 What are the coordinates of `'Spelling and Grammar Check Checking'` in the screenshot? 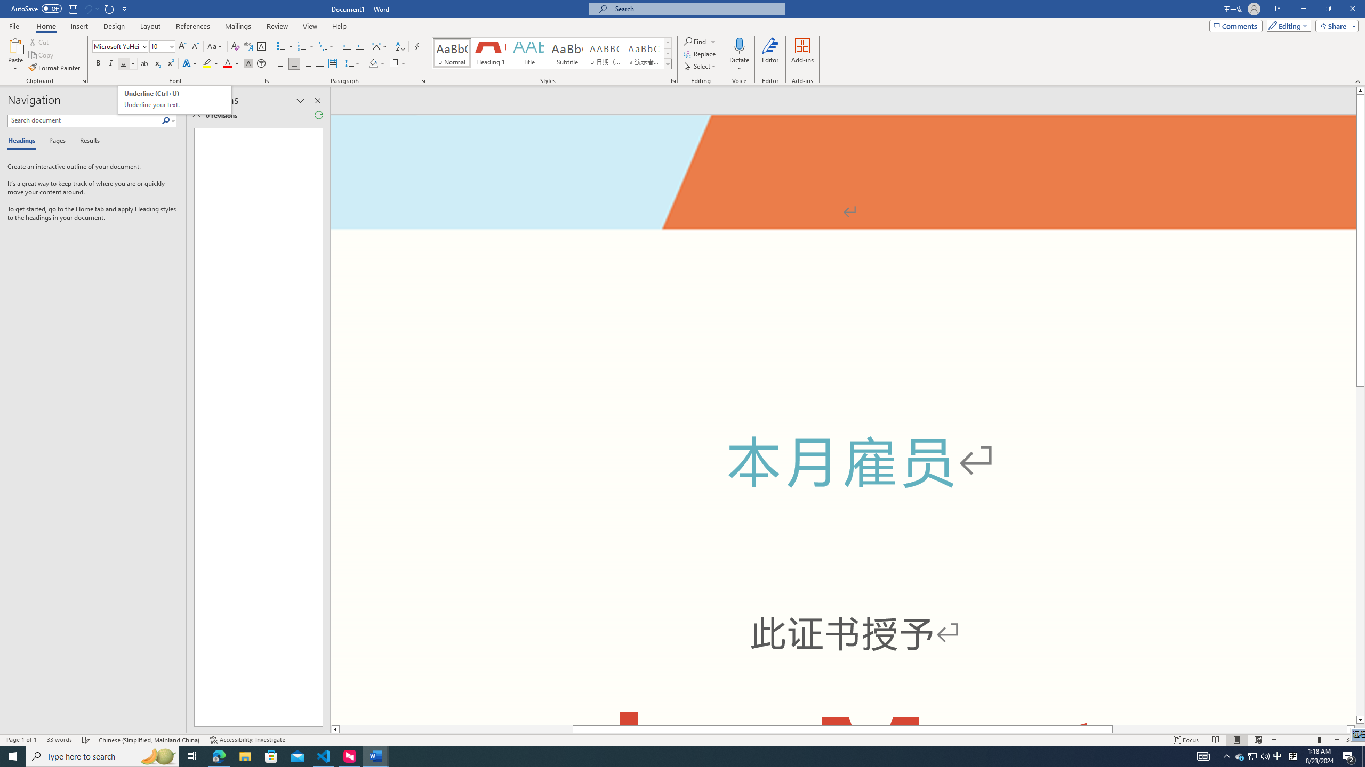 It's located at (86, 740).